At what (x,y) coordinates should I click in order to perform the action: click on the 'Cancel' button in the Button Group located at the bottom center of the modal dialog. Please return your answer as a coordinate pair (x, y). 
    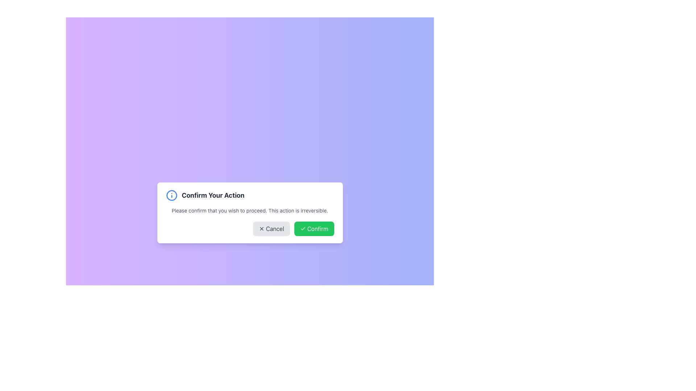
    Looking at the image, I should click on (250, 229).